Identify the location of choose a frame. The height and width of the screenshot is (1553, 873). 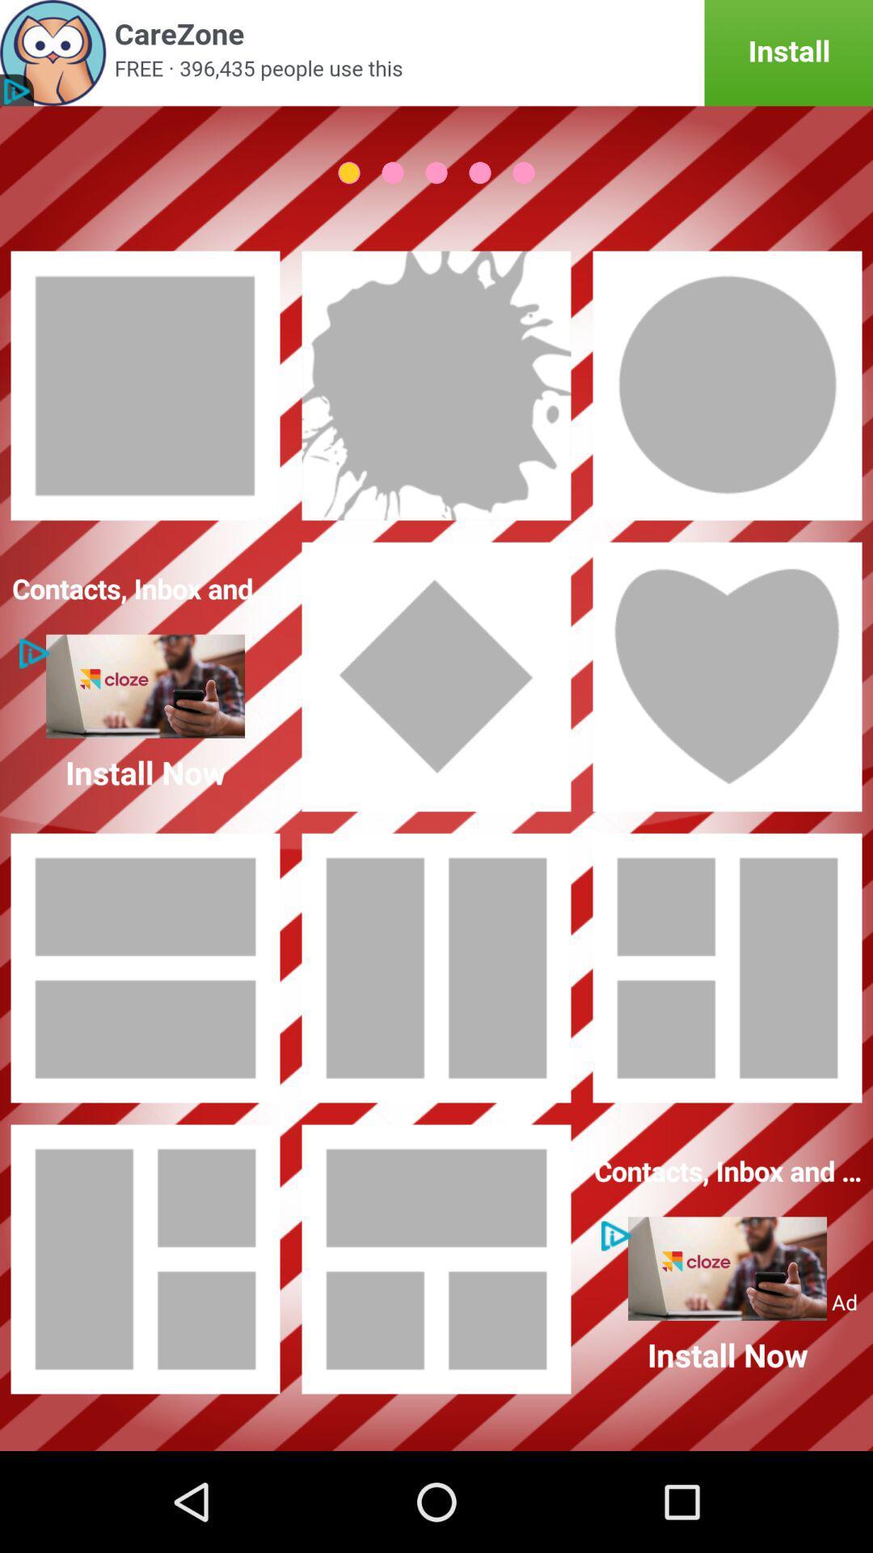
(726, 384).